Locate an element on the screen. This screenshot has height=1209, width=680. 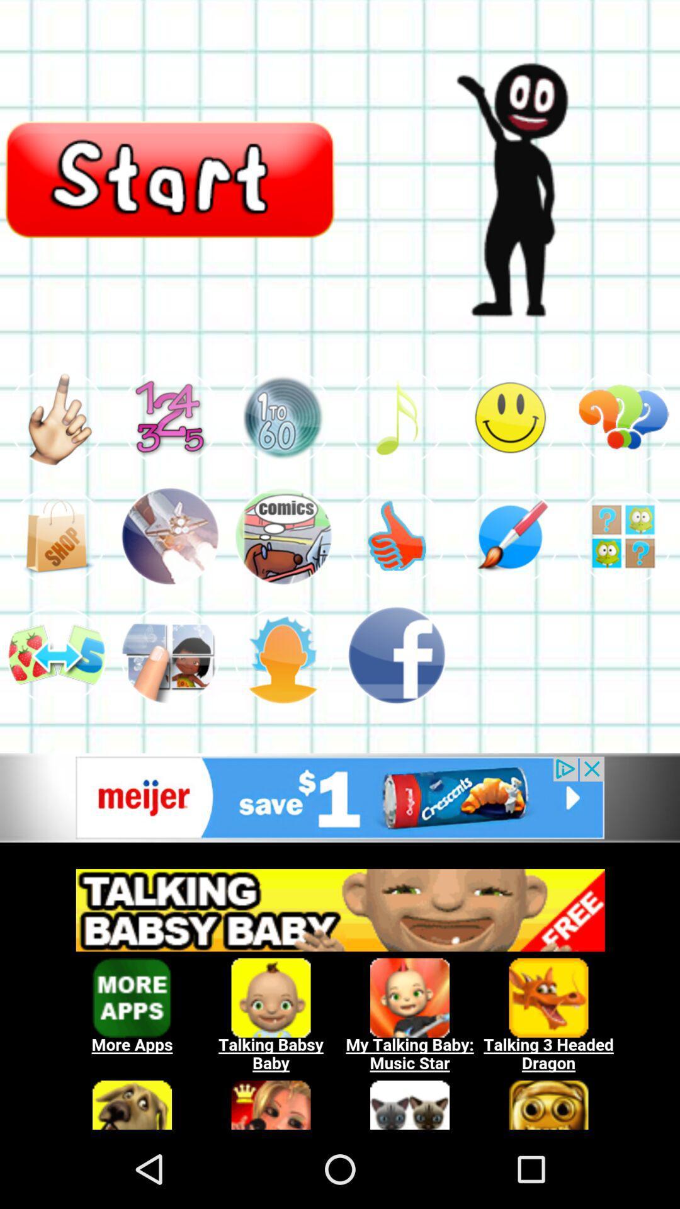
music is located at coordinates (395, 417).